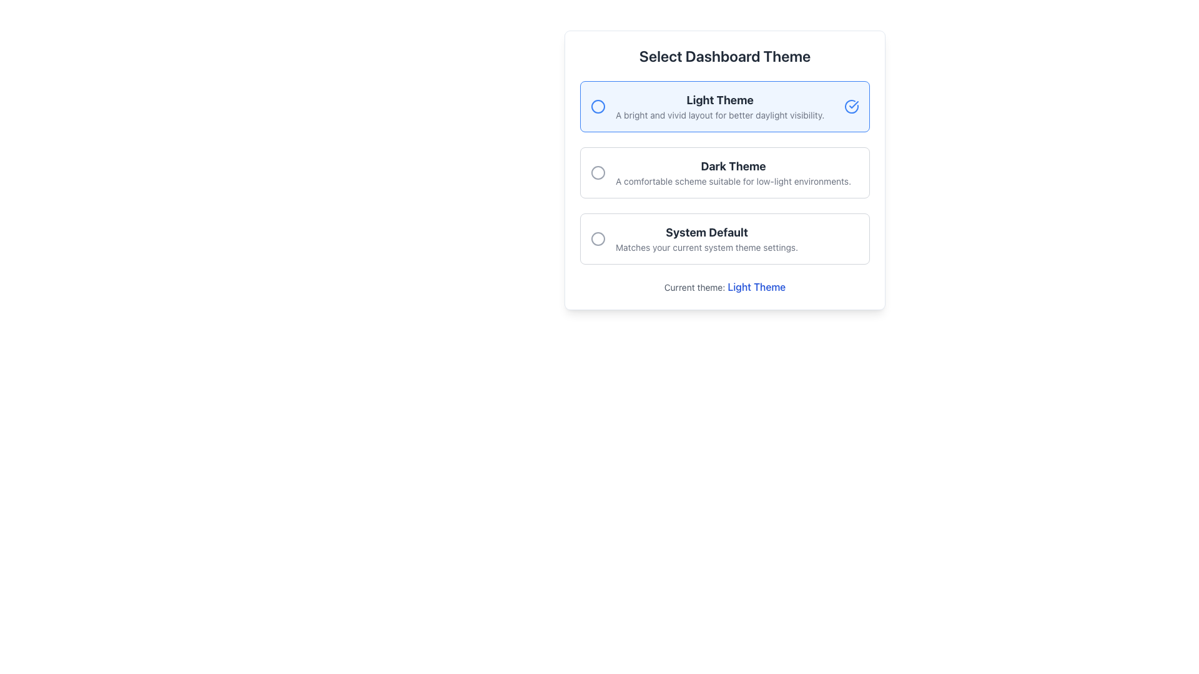  I want to click on the 'Light Theme' selectable option located within the settings interface, which is the second option under 'Select Dashboard Theme', so click(725, 105).